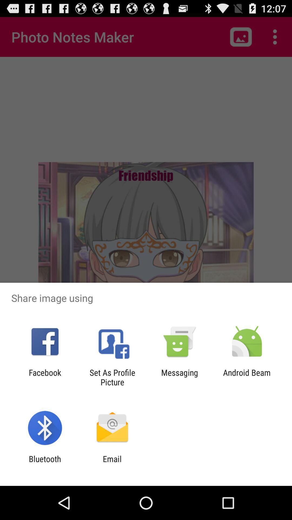 The image size is (292, 520). I want to click on the item next to the android beam item, so click(180, 377).